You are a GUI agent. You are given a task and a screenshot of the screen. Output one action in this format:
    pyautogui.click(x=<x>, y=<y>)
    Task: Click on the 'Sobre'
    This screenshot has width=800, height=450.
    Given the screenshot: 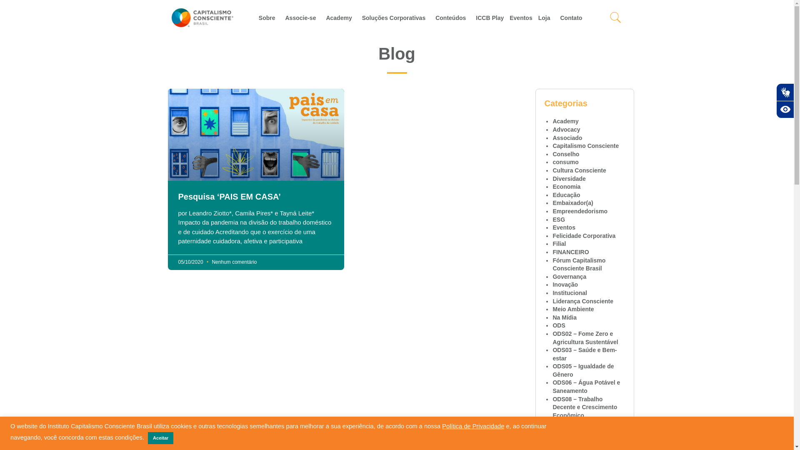 What is the action you would take?
    pyautogui.click(x=255, y=17)
    